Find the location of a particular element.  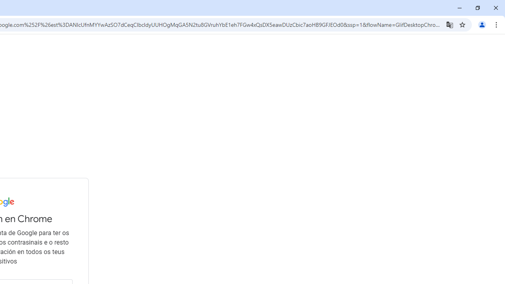

'You' is located at coordinates (481, 24).